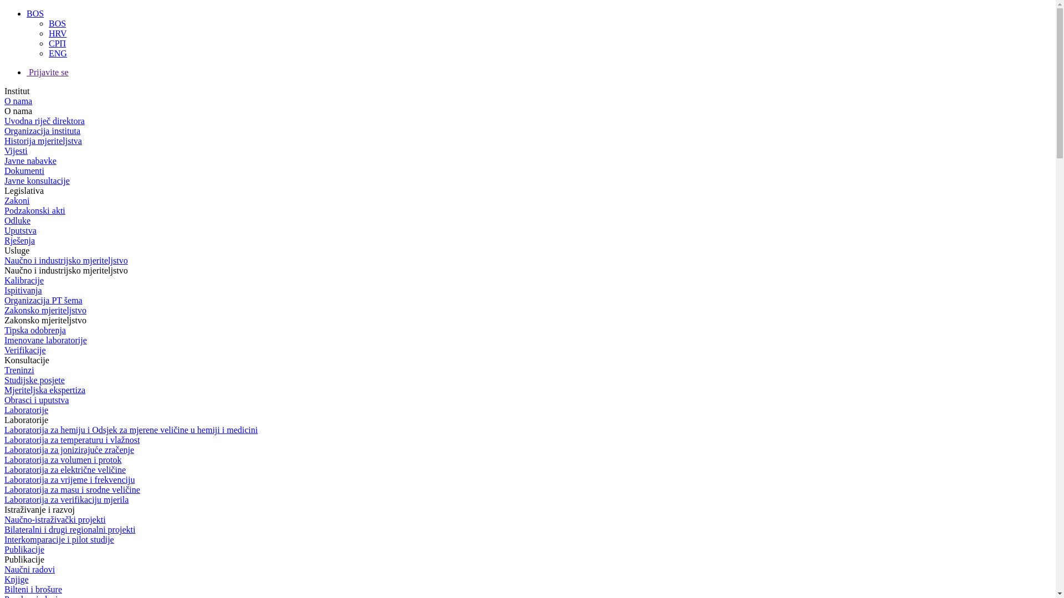 This screenshot has height=598, width=1064. What do you see at coordinates (57, 53) in the screenshot?
I see `'ENG'` at bounding box center [57, 53].